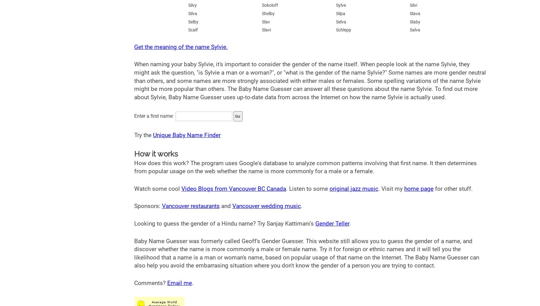 The width and height of the screenshot is (540, 306). I want to click on 'original jazz music', so click(353, 188).